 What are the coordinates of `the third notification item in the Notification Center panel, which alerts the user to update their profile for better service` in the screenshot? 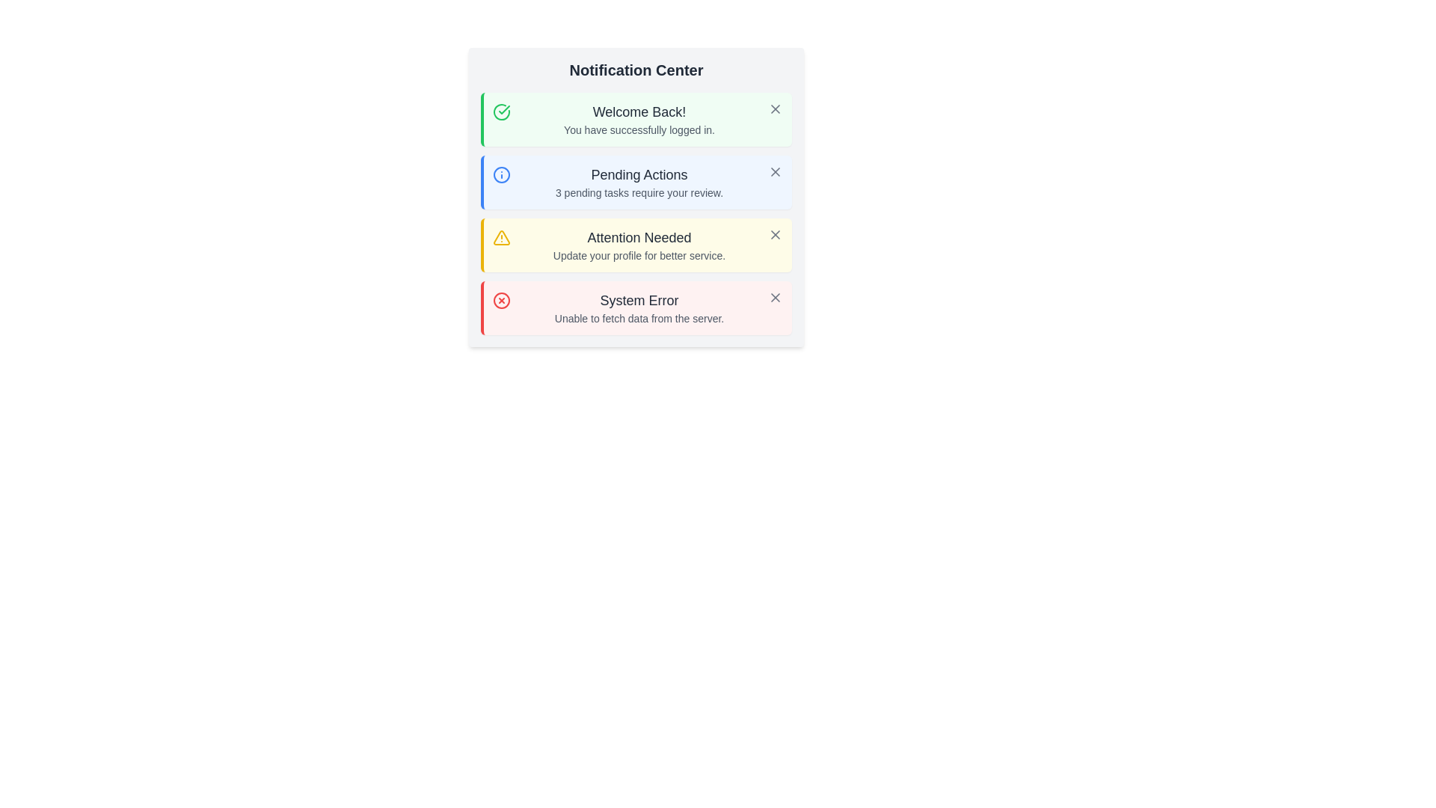 It's located at (639, 244).